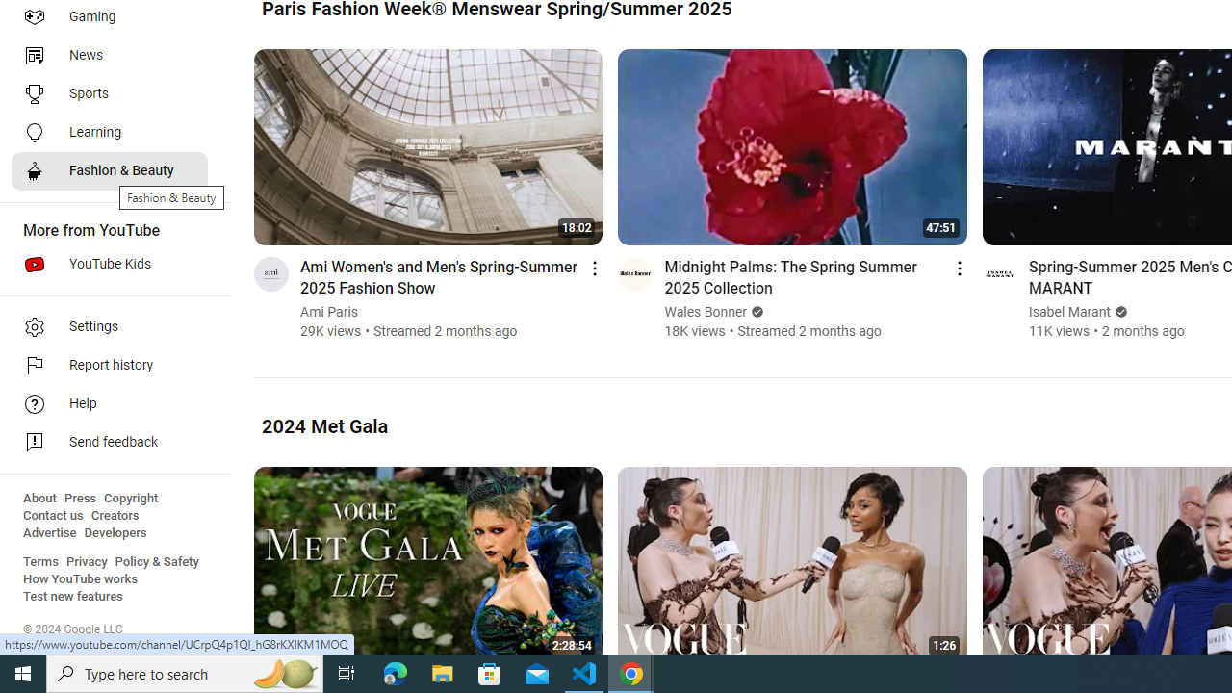 This screenshot has width=1232, height=693. Describe the element at coordinates (324, 424) in the screenshot. I see `'2024 Met Gala'` at that location.